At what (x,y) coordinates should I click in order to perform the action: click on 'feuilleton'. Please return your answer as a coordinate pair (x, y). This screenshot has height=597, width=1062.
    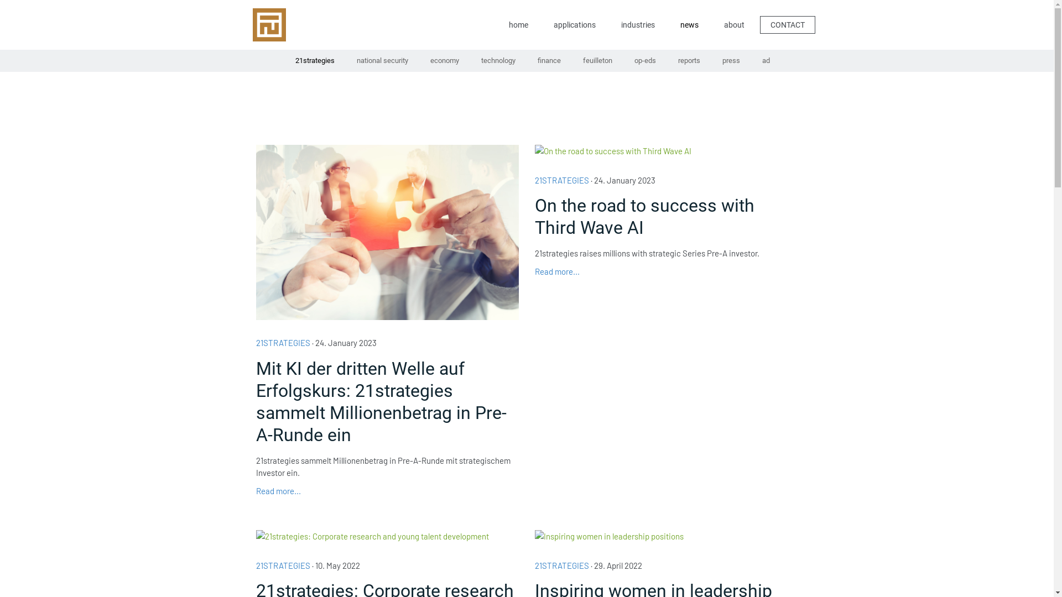
    Looking at the image, I should click on (597, 61).